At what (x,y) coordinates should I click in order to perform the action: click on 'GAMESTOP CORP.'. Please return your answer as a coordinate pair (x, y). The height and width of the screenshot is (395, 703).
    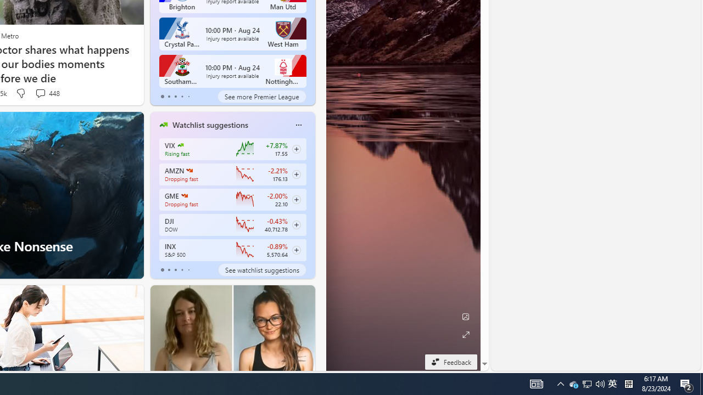
    Looking at the image, I should click on (184, 195).